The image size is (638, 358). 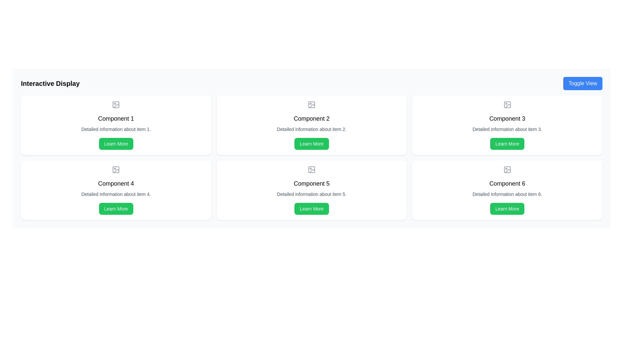 What do you see at coordinates (311, 129) in the screenshot?
I see `the static text element that reads 'Detailed information about item 2.' which is located centrally in the top row of the 'Component 2' card` at bounding box center [311, 129].